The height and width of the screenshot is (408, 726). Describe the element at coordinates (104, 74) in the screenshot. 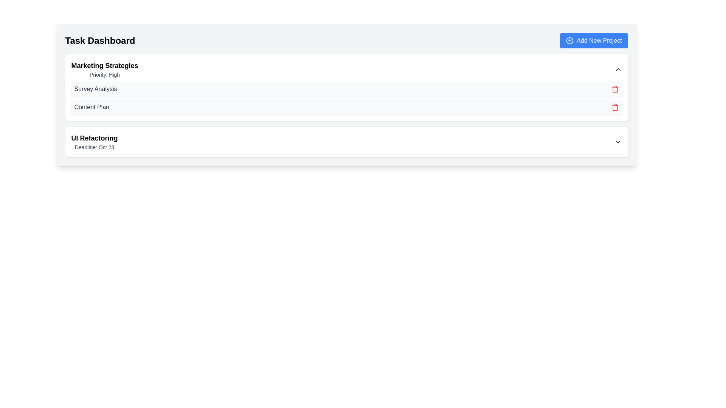

I see `the static text label displaying the priority level 'High' for the task 'Marketing Strategies', which is located directly below the heading within a panel layout` at that location.